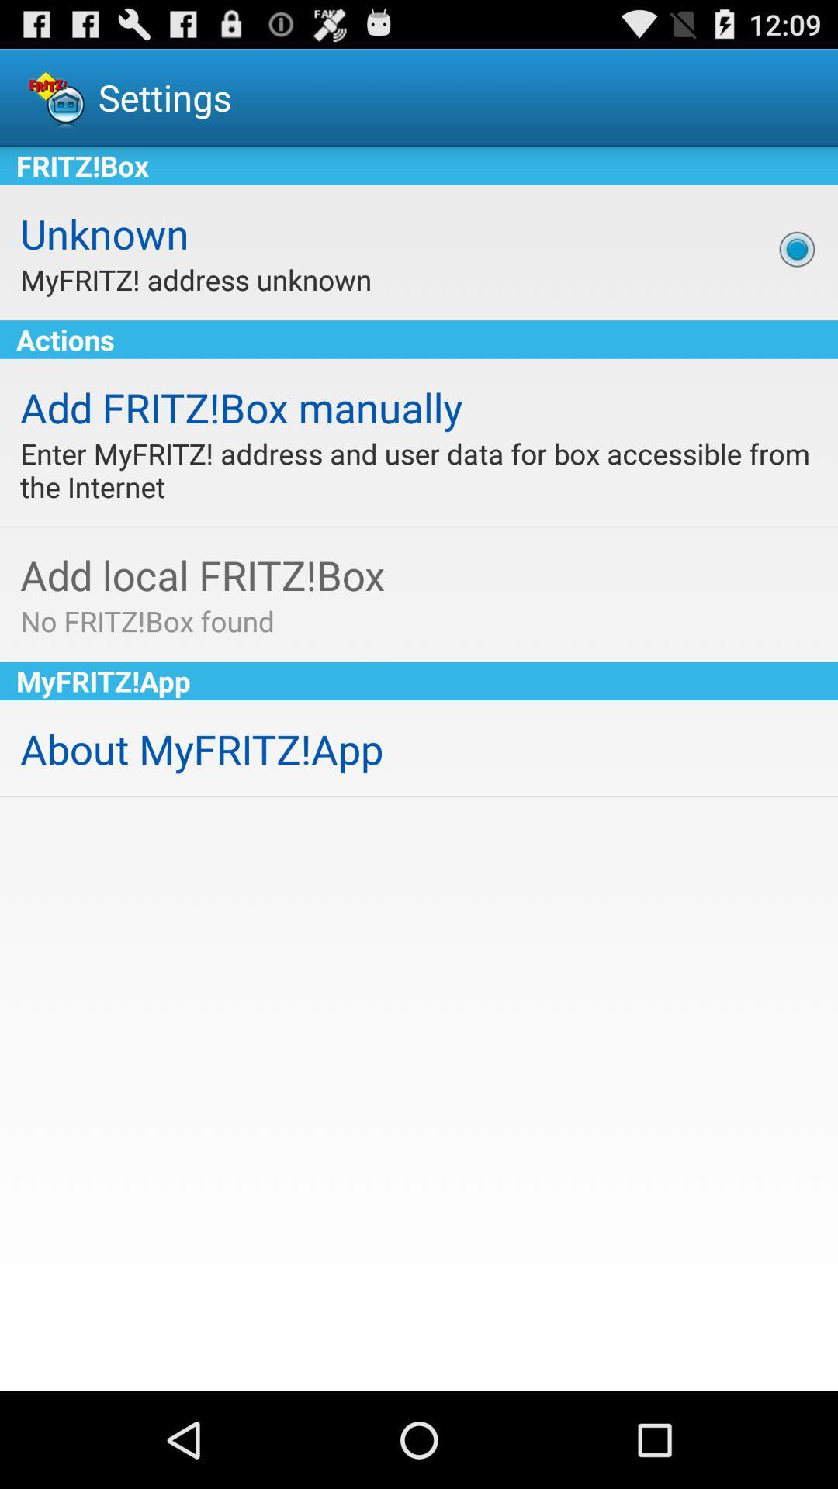  What do you see at coordinates (797, 249) in the screenshot?
I see `app below fritz!box item` at bounding box center [797, 249].